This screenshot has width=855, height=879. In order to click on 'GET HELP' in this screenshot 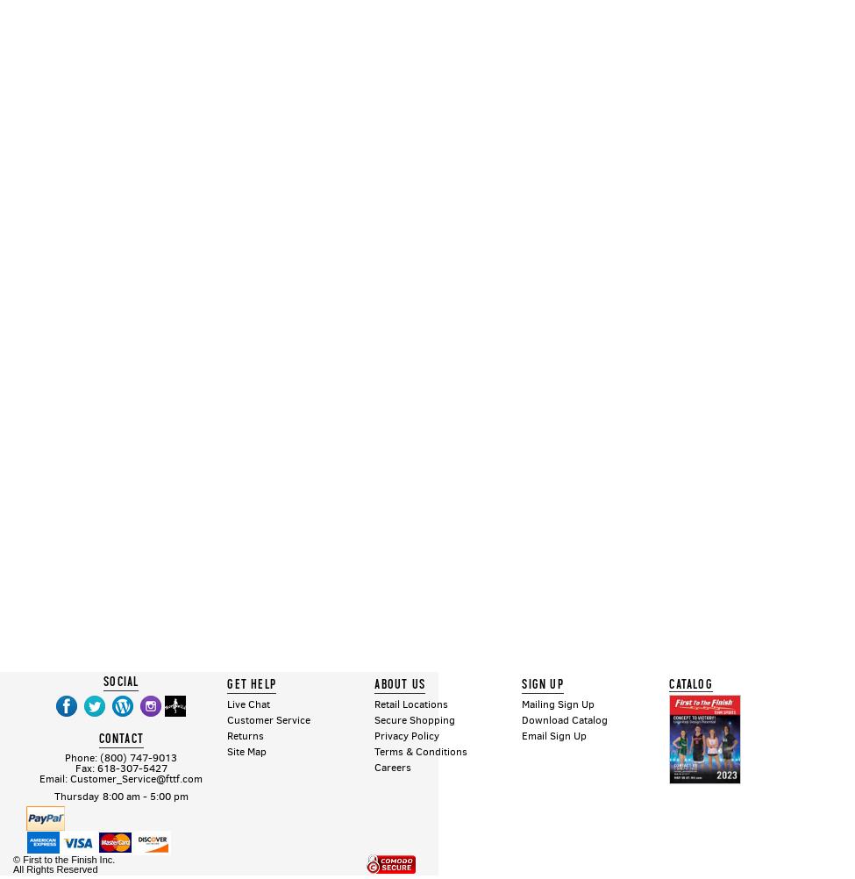, I will do `click(226, 683)`.